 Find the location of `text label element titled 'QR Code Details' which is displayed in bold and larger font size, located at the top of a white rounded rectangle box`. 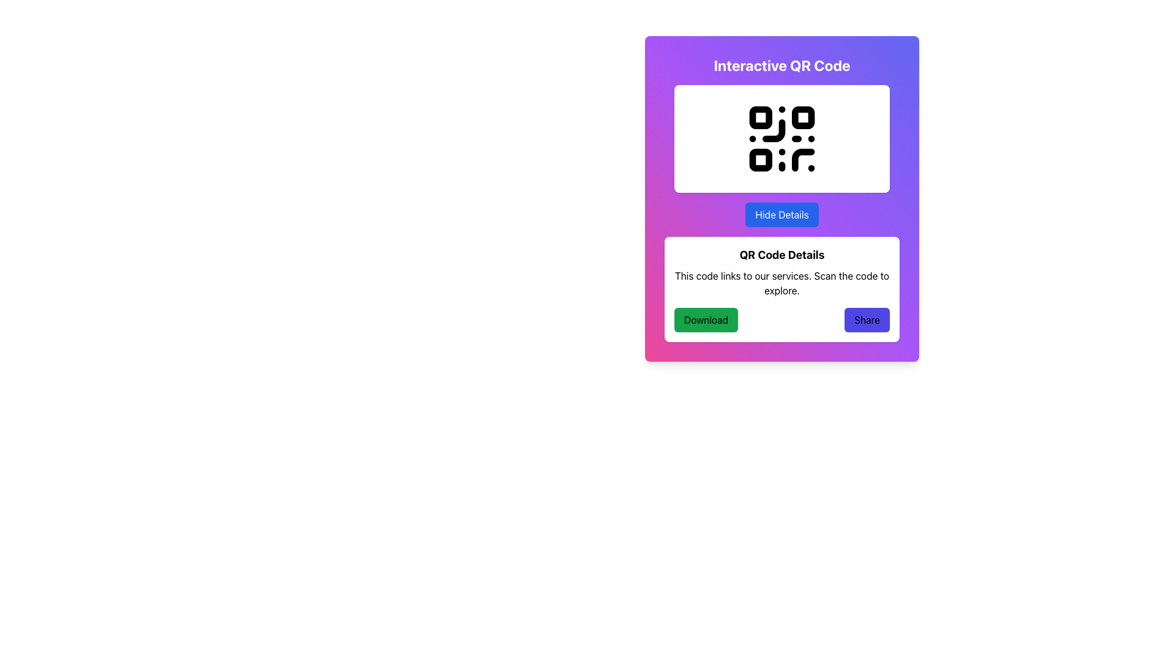

text label element titled 'QR Code Details' which is displayed in bold and larger font size, located at the top of a white rounded rectangle box is located at coordinates (781, 254).